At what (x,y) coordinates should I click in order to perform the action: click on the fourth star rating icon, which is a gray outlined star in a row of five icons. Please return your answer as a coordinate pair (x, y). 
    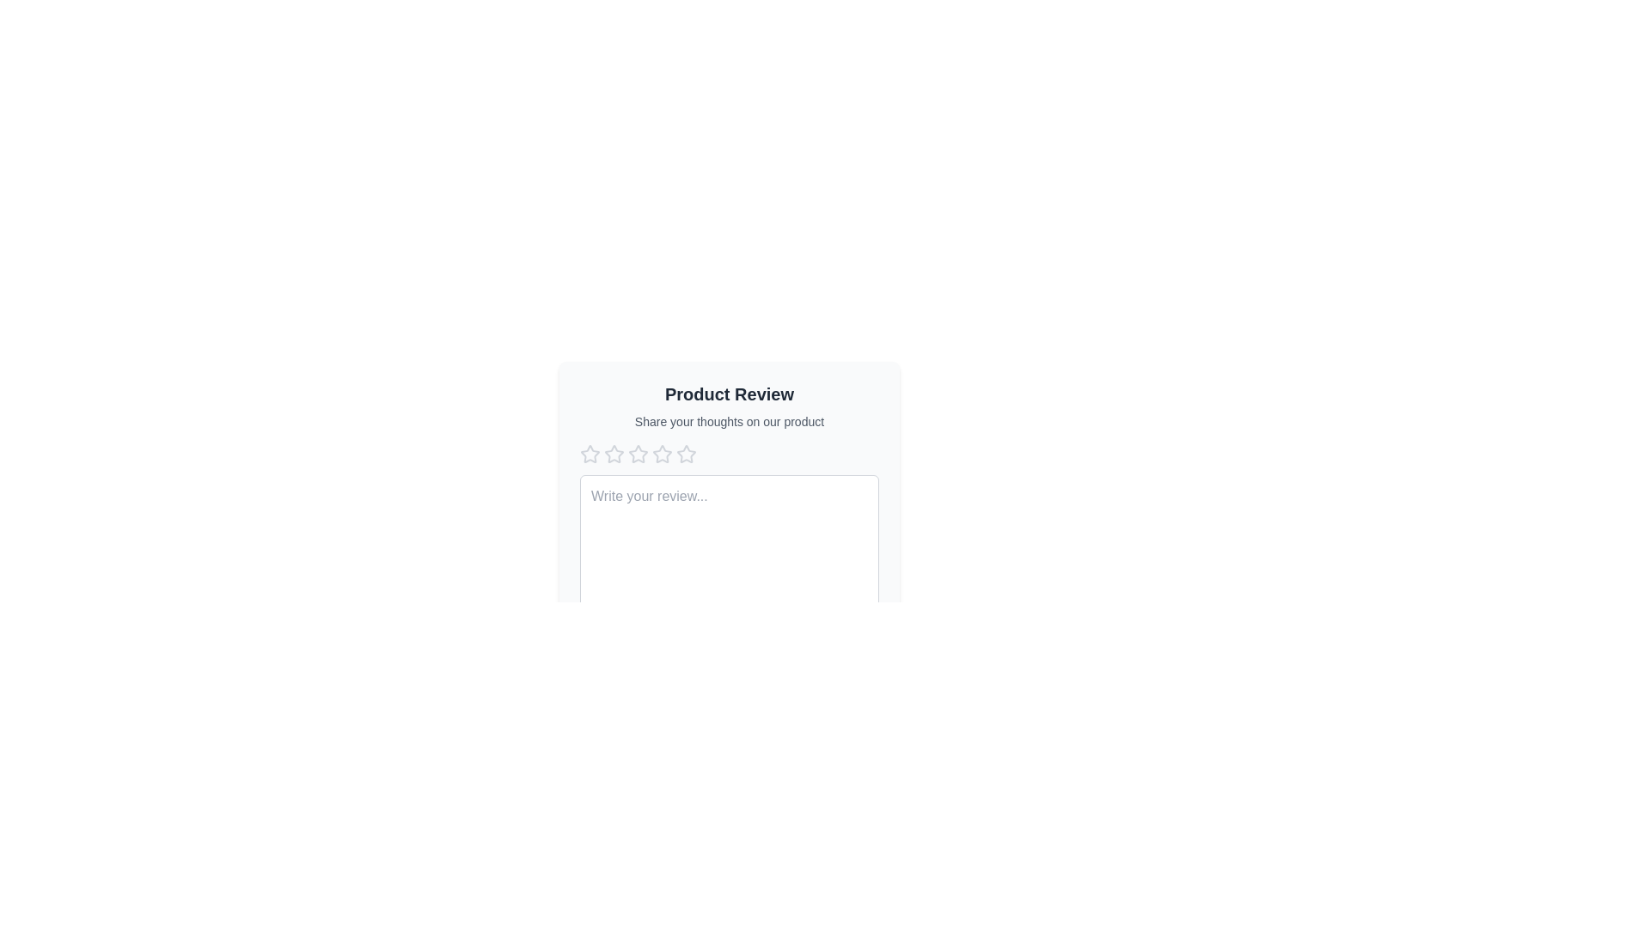
    Looking at the image, I should click on (638, 453).